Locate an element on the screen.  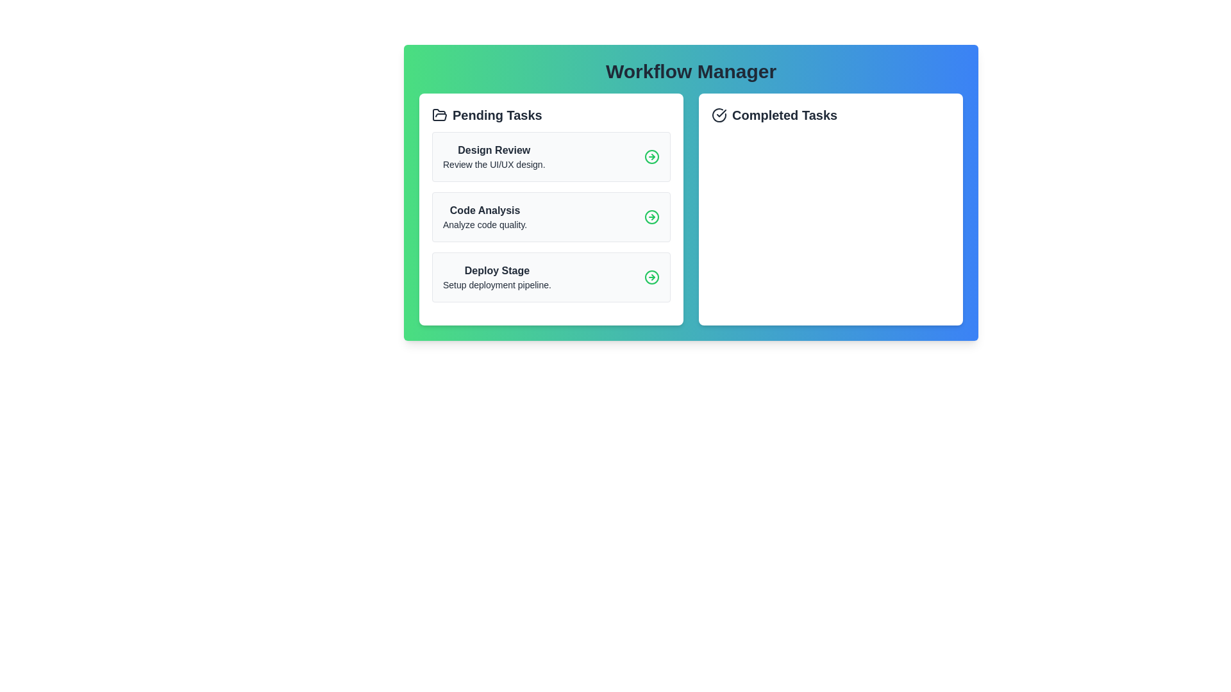
the circular graphical icon with a green outline and a rightward pointing arrow, located to the right of the 'Design Review' task in the 'Pending Tasks' list is located at coordinates (652, 156).